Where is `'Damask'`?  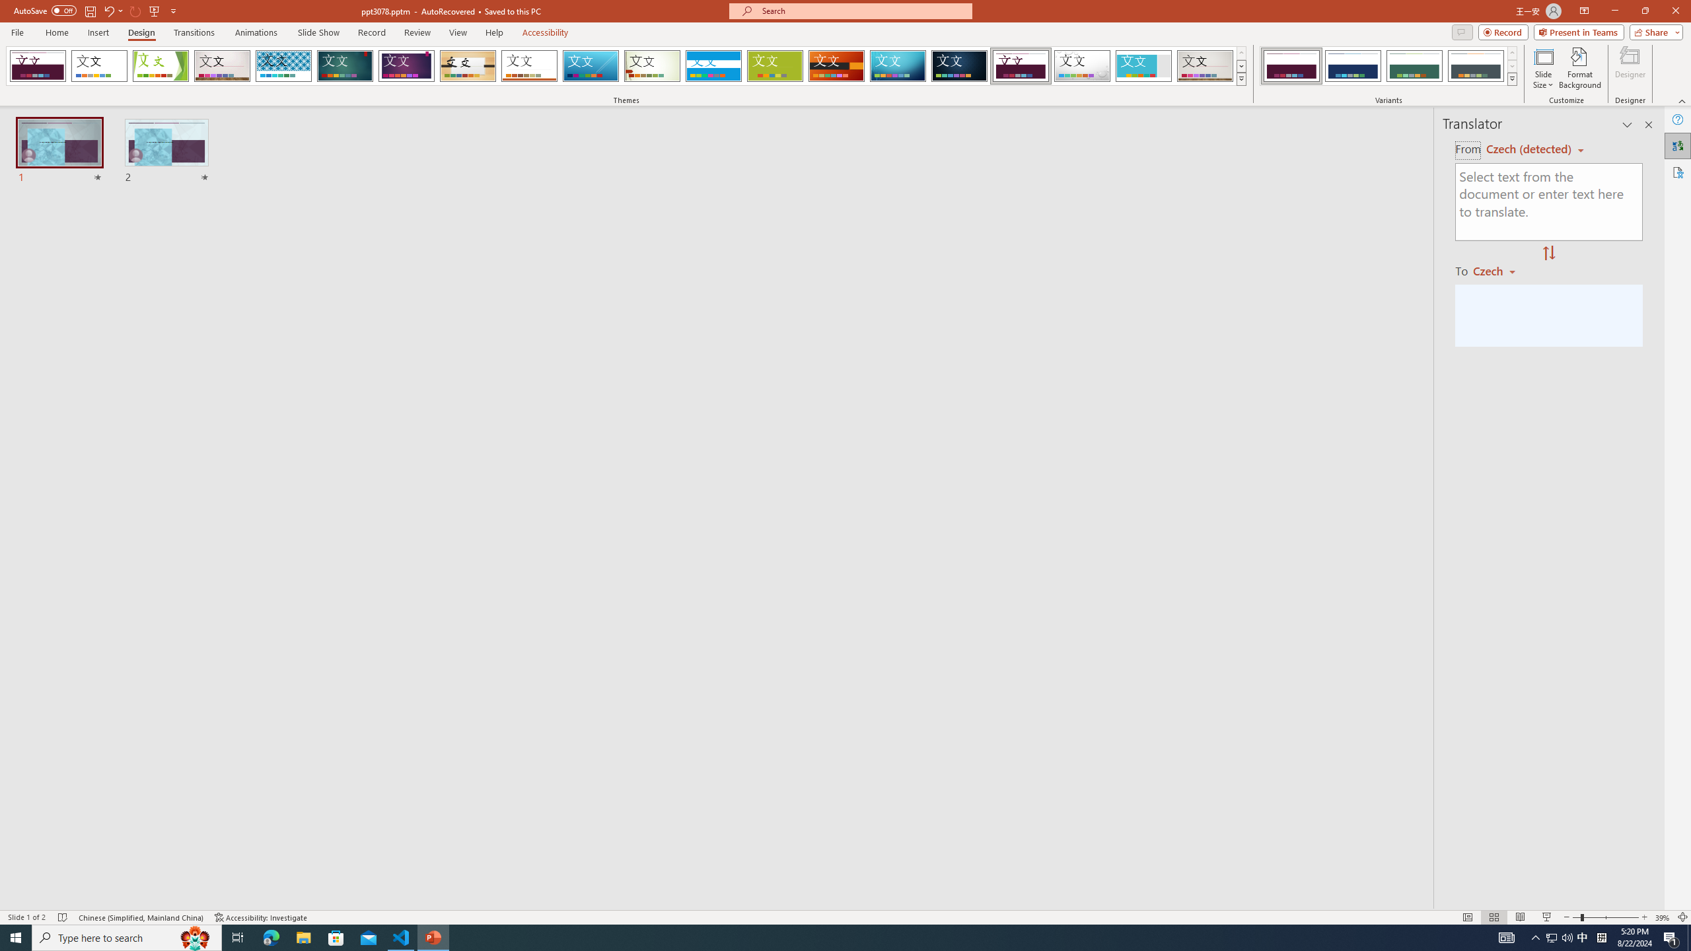
'Damask' is located at coordinates (958, 65).